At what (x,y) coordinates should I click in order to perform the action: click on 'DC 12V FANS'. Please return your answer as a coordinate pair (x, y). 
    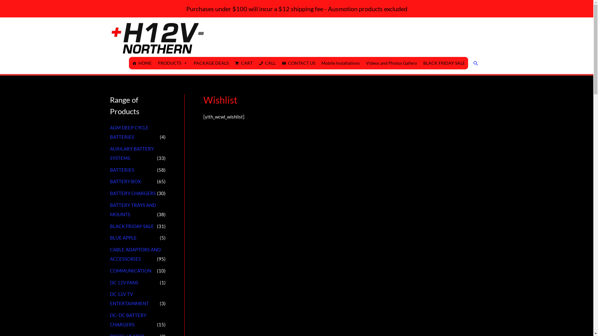
    Looking at the image, I should click on (124, 282).